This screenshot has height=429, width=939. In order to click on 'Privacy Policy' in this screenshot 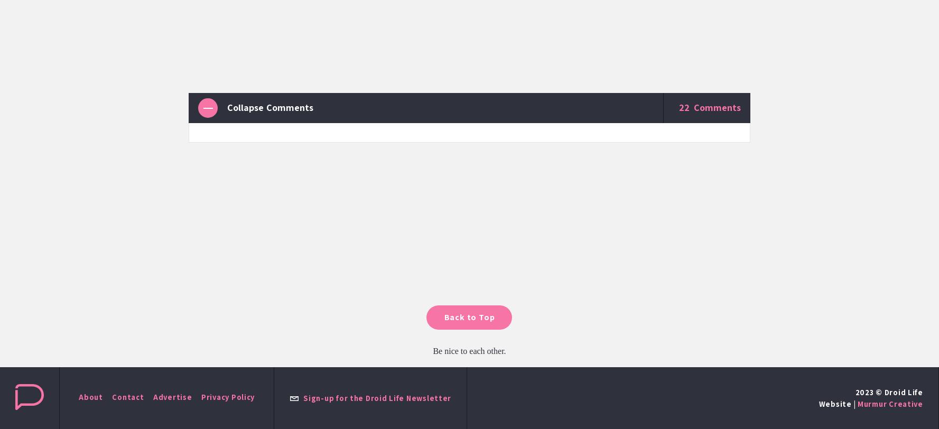, I will do `click(227, 397)`.